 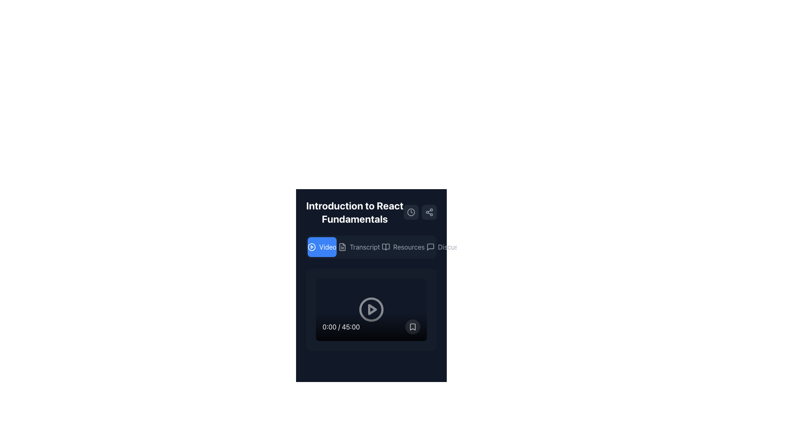 What do you see at coordinates (327, 247) in the screenshot?
I see `the 'Video' text label within the button interface` at bounding box center [327, 247].